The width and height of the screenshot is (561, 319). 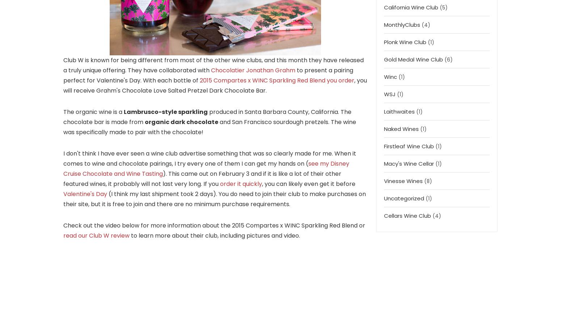 What do you see at coordinates (93, 111) in the screenshot?
I see `'The organic wine is a'` at bounding box center [93, 111].